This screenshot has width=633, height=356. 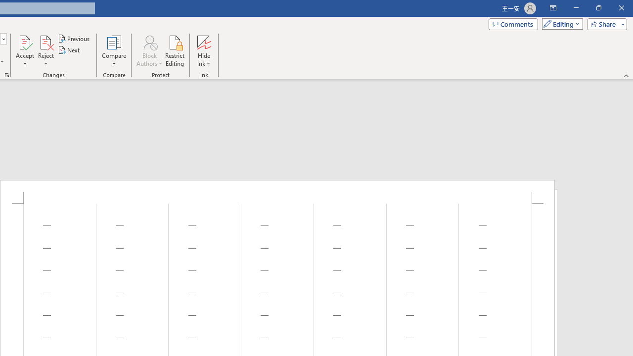 I want to click on 'Accept', so click(x=25, y=51).